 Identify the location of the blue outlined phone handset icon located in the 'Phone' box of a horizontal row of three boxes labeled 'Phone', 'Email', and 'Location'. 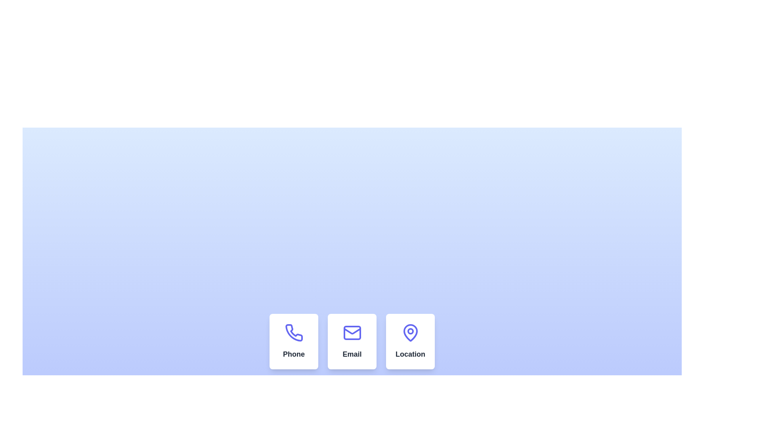
(293, 332).